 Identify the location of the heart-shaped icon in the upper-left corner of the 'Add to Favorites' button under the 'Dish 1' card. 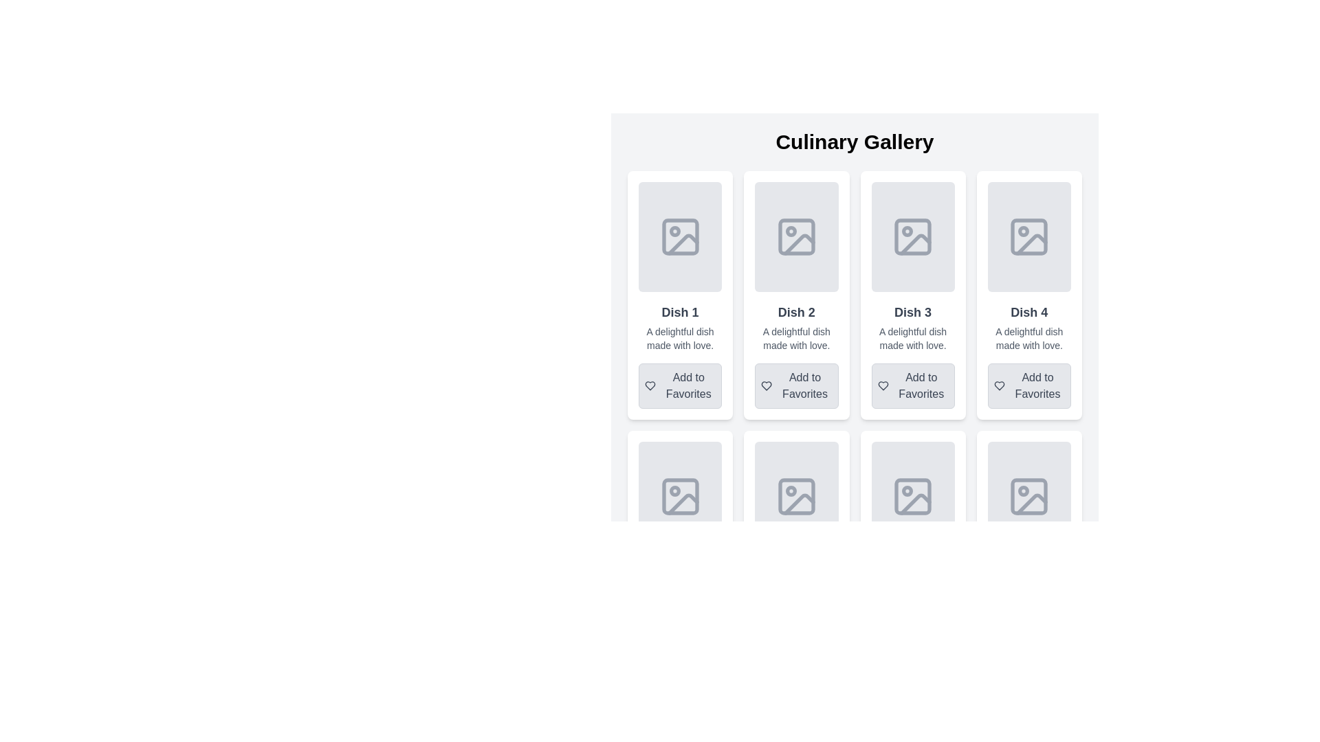
(650, 386).